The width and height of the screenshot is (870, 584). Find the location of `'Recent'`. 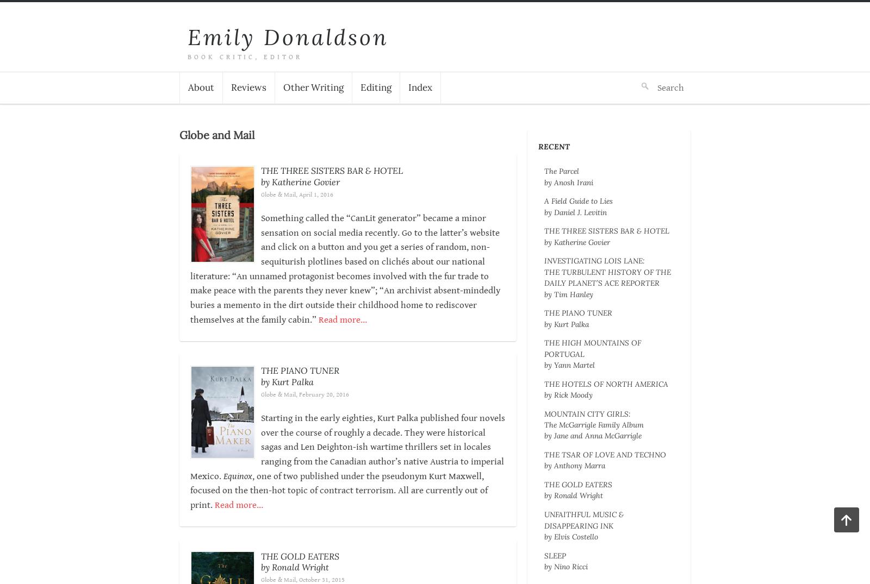

'Recent' is located at coordinates (554, 146).